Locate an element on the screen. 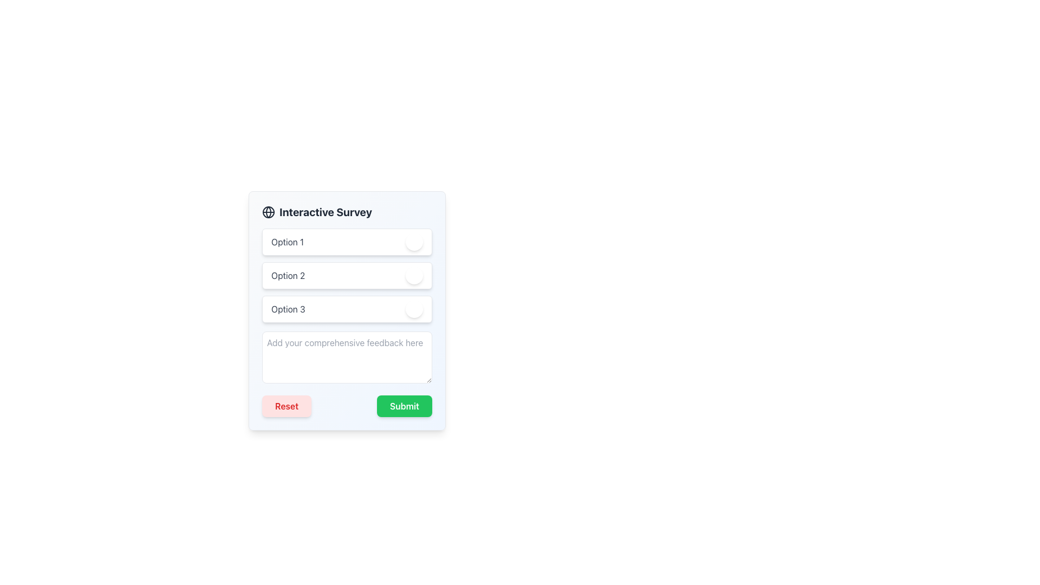 Image resolution: width=1040 pixels, height=585 pixels. the toggle button of the first list item labeled 'Option 1' is located at coordinates (347, 242).